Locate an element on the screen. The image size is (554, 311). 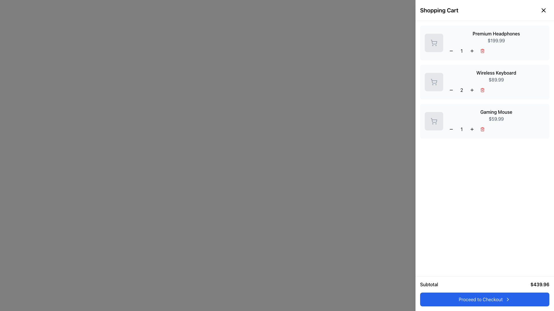
the text display field that shows the current quantity of 'Gaming Mouse' in the shopping cart, located between the minus and plus buttons is located at coordinates (461, 129).